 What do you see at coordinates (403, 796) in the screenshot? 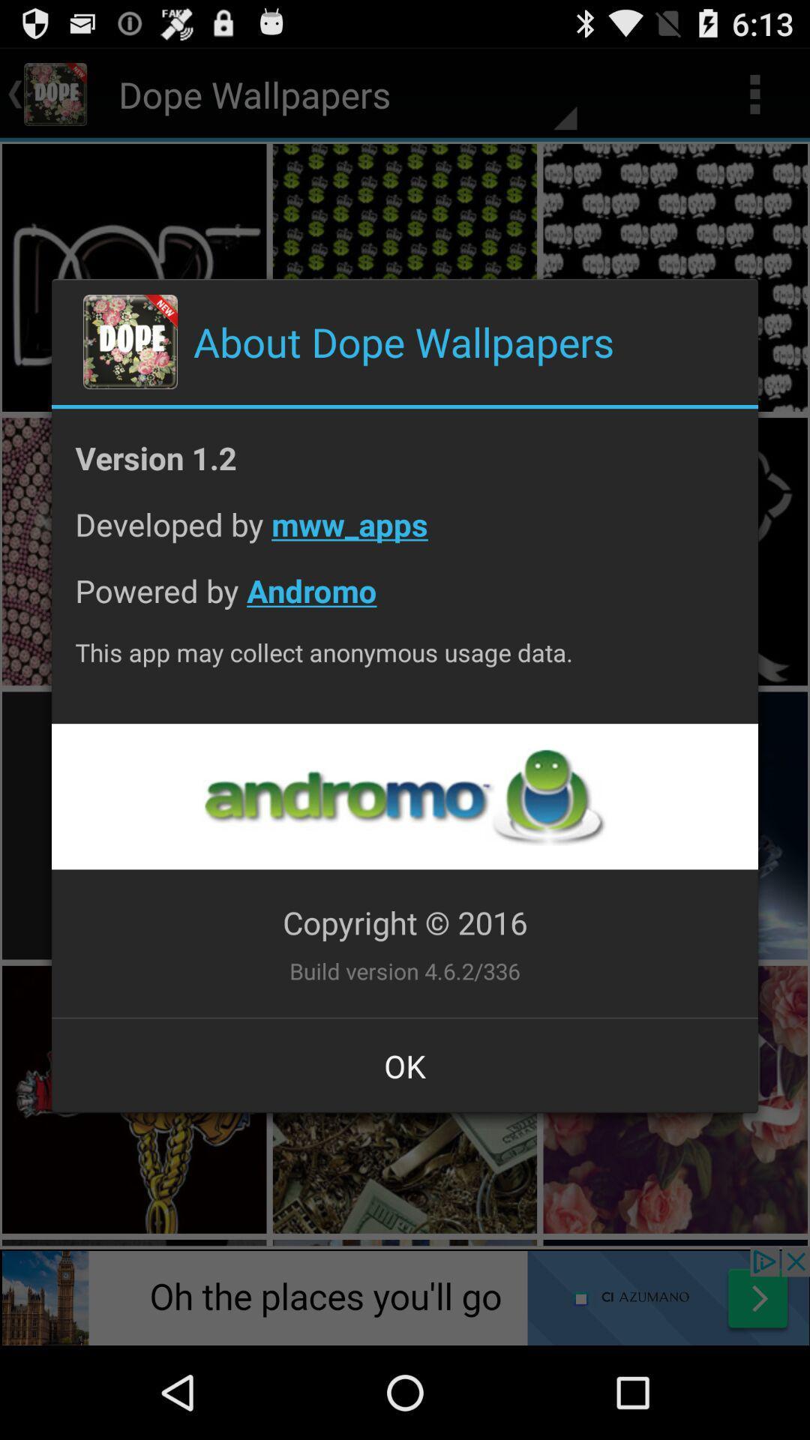
I see `opens a link to the developer` at bounding box center [403, 796].